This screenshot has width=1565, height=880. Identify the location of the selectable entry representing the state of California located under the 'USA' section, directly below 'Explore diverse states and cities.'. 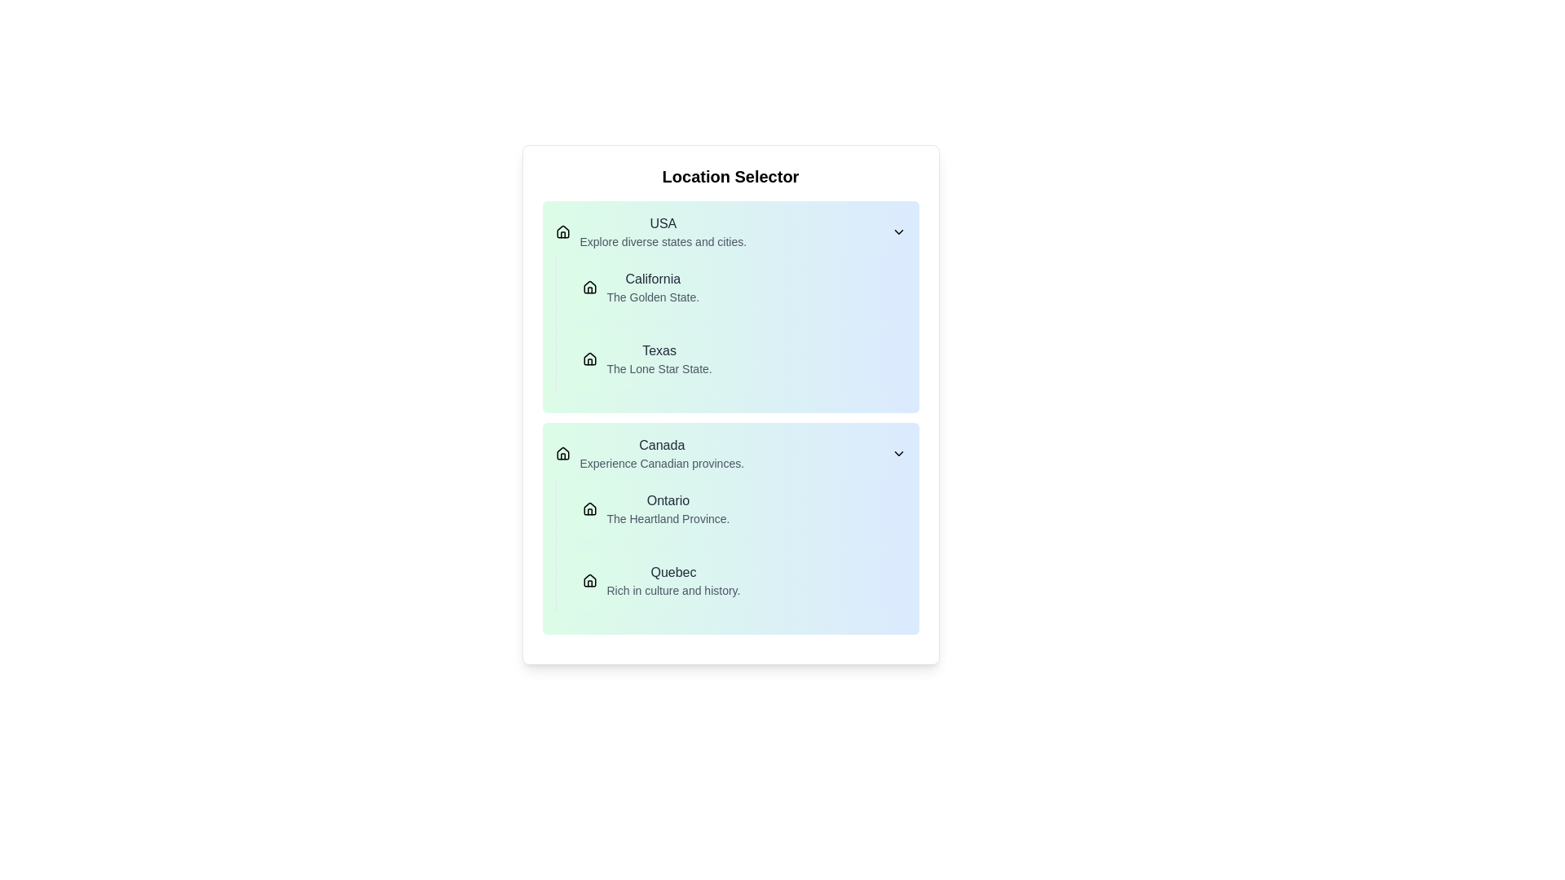
(653, 287).